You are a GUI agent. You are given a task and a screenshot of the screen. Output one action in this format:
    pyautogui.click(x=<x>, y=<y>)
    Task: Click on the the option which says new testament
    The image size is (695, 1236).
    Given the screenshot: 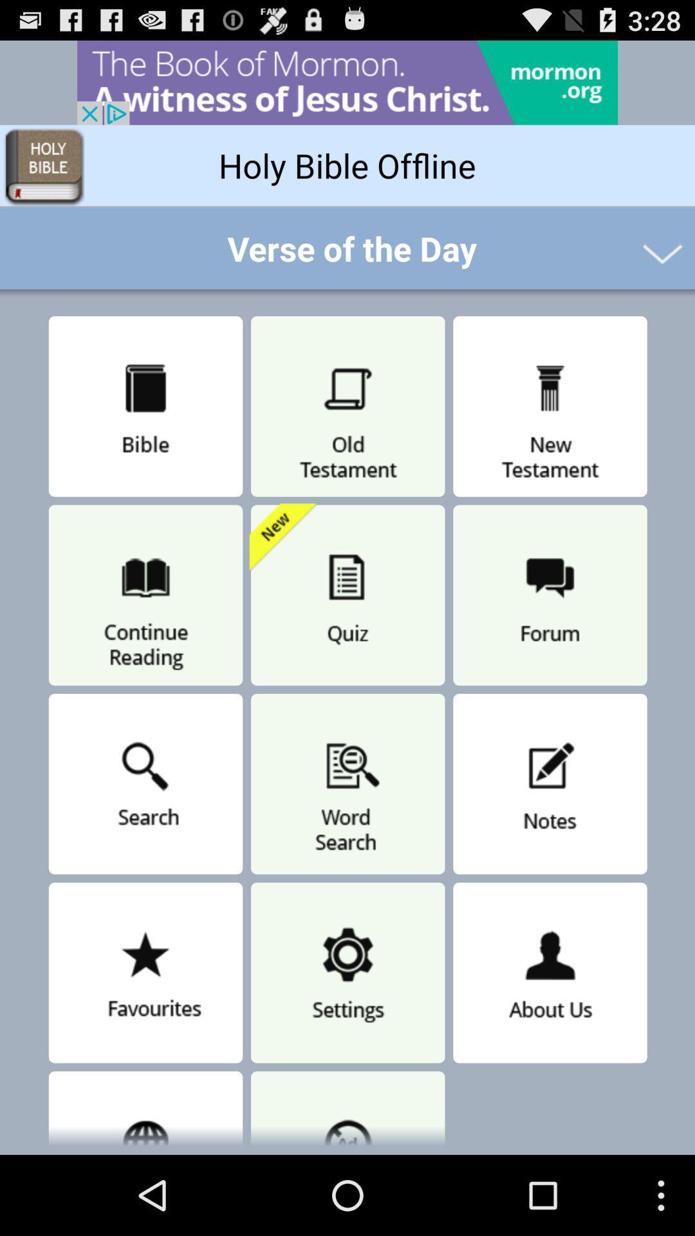 What is the action you would take?
    pyautogui.click(x=550, y=406)
    